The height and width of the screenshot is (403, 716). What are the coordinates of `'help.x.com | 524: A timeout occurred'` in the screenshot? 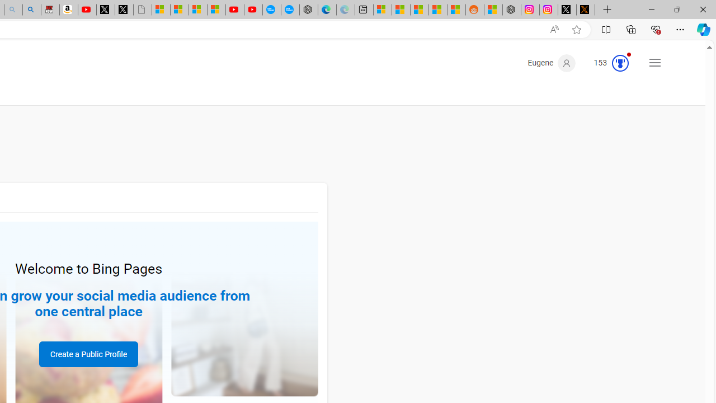 It's located at (585, 10).